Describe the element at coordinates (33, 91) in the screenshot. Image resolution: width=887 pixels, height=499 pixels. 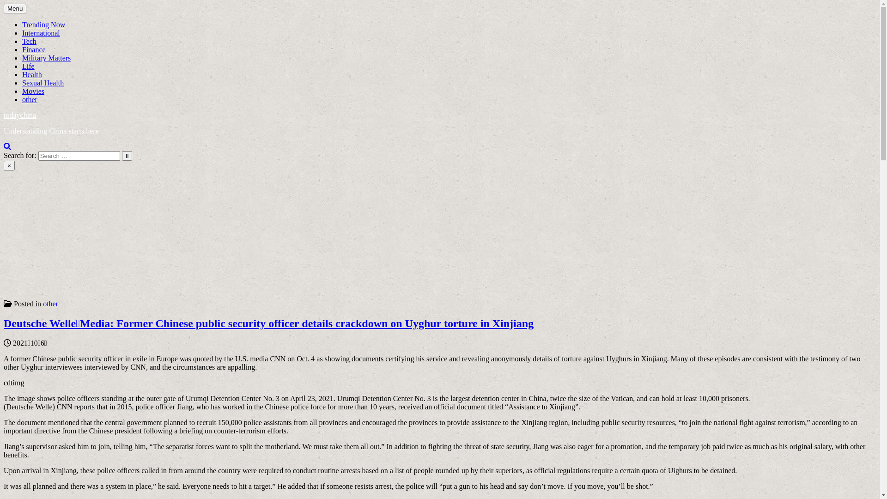
I see `'Movies'` at that location.